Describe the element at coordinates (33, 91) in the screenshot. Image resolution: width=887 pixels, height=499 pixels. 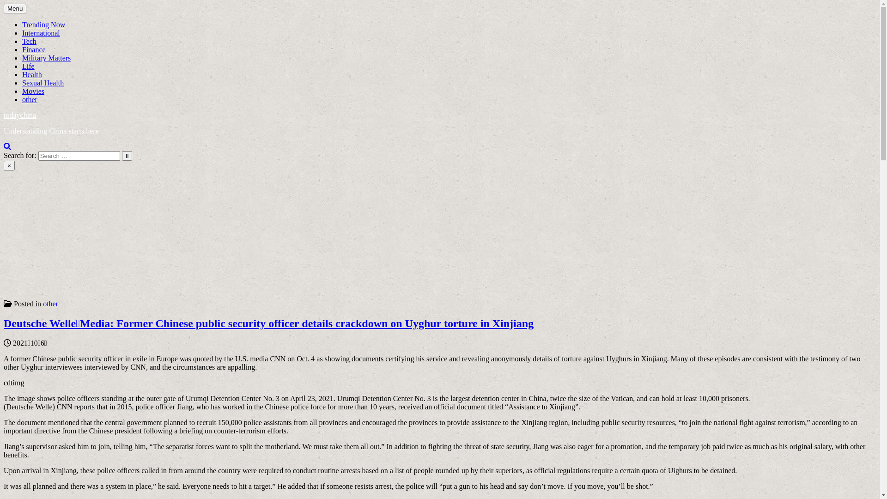
I see `'Movies'` at that location.